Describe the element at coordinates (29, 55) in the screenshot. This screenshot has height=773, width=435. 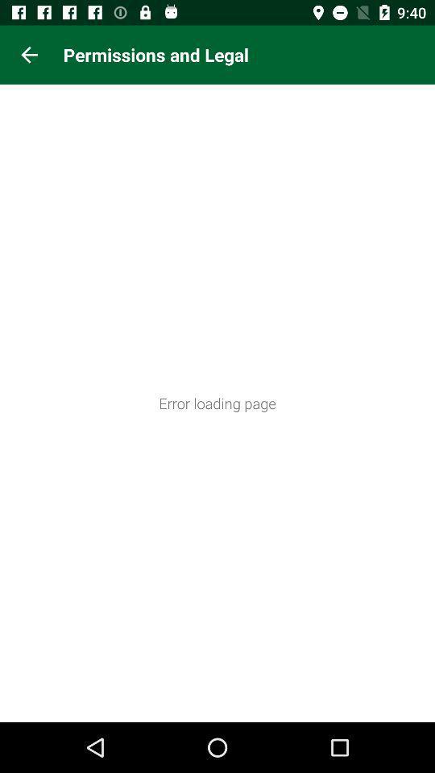
I see `icon at the top left corner` at that location.